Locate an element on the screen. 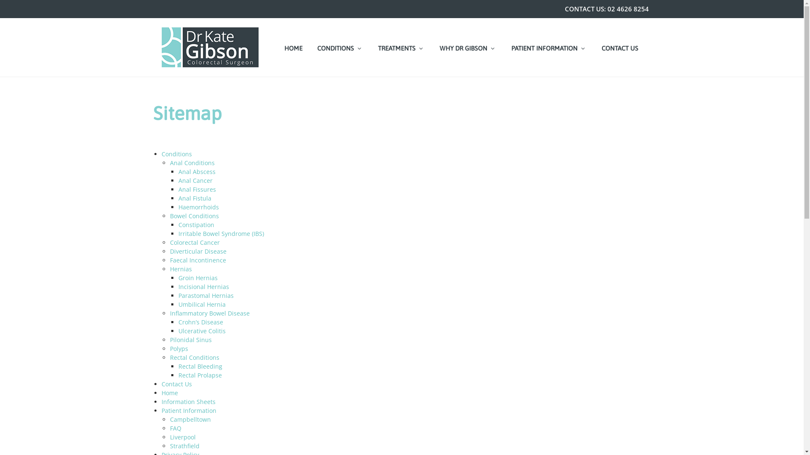  'TREATMENTS' is located at coordinates (401, 47).